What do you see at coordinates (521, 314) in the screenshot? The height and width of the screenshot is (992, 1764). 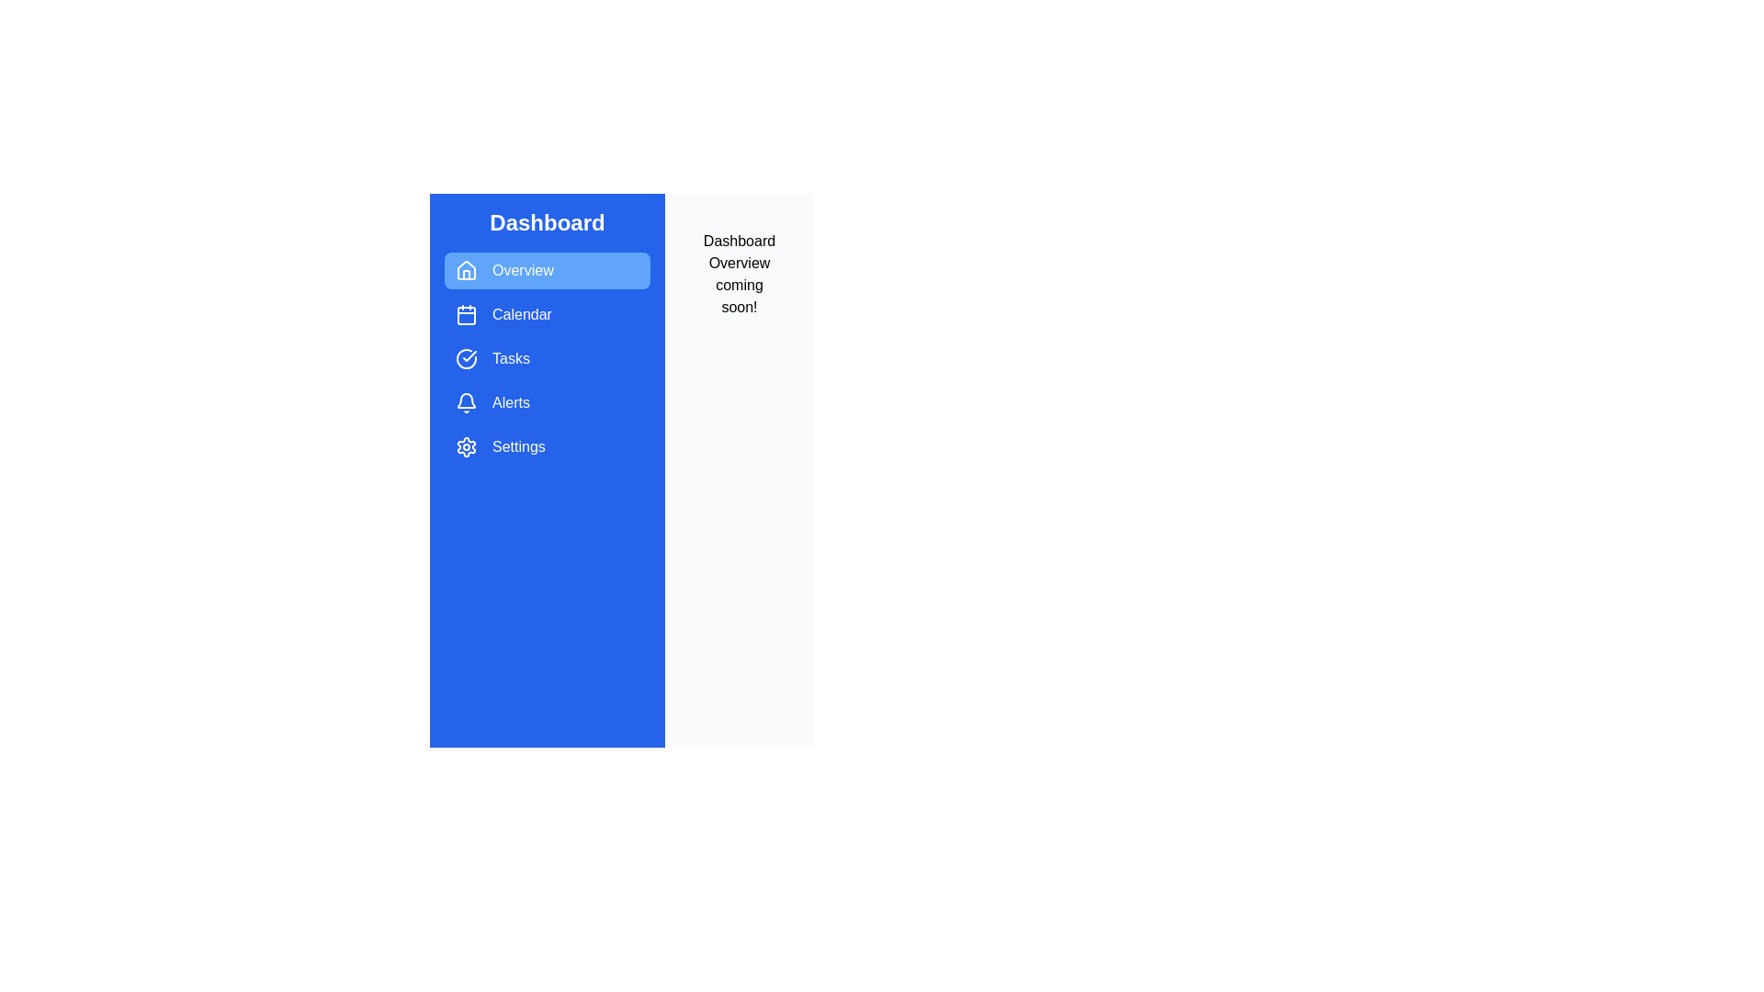 I see `the text label in the navigation menu that likely navigates to a calendar-related feature, located between 'Overview' and 'Tasks'` at bounding box center [521, 314].